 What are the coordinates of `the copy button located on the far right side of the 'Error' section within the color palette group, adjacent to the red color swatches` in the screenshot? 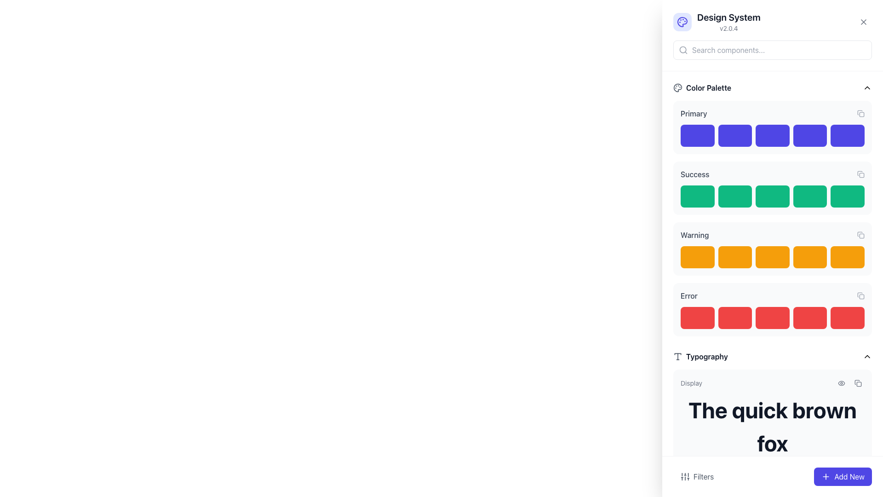 It's located at (860, 296).